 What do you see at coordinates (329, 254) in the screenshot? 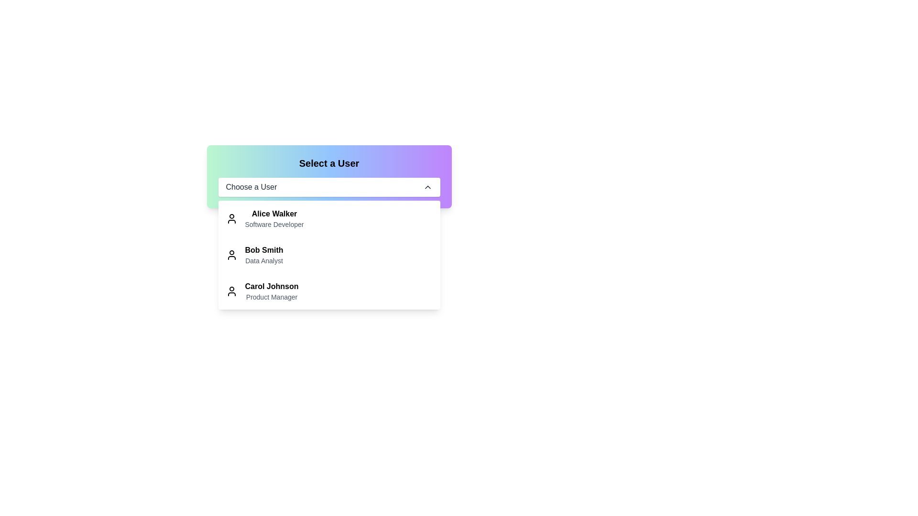
I see `the second list item in the dropdown labeled 'Choose a User'` at bounding box center [329, 254].